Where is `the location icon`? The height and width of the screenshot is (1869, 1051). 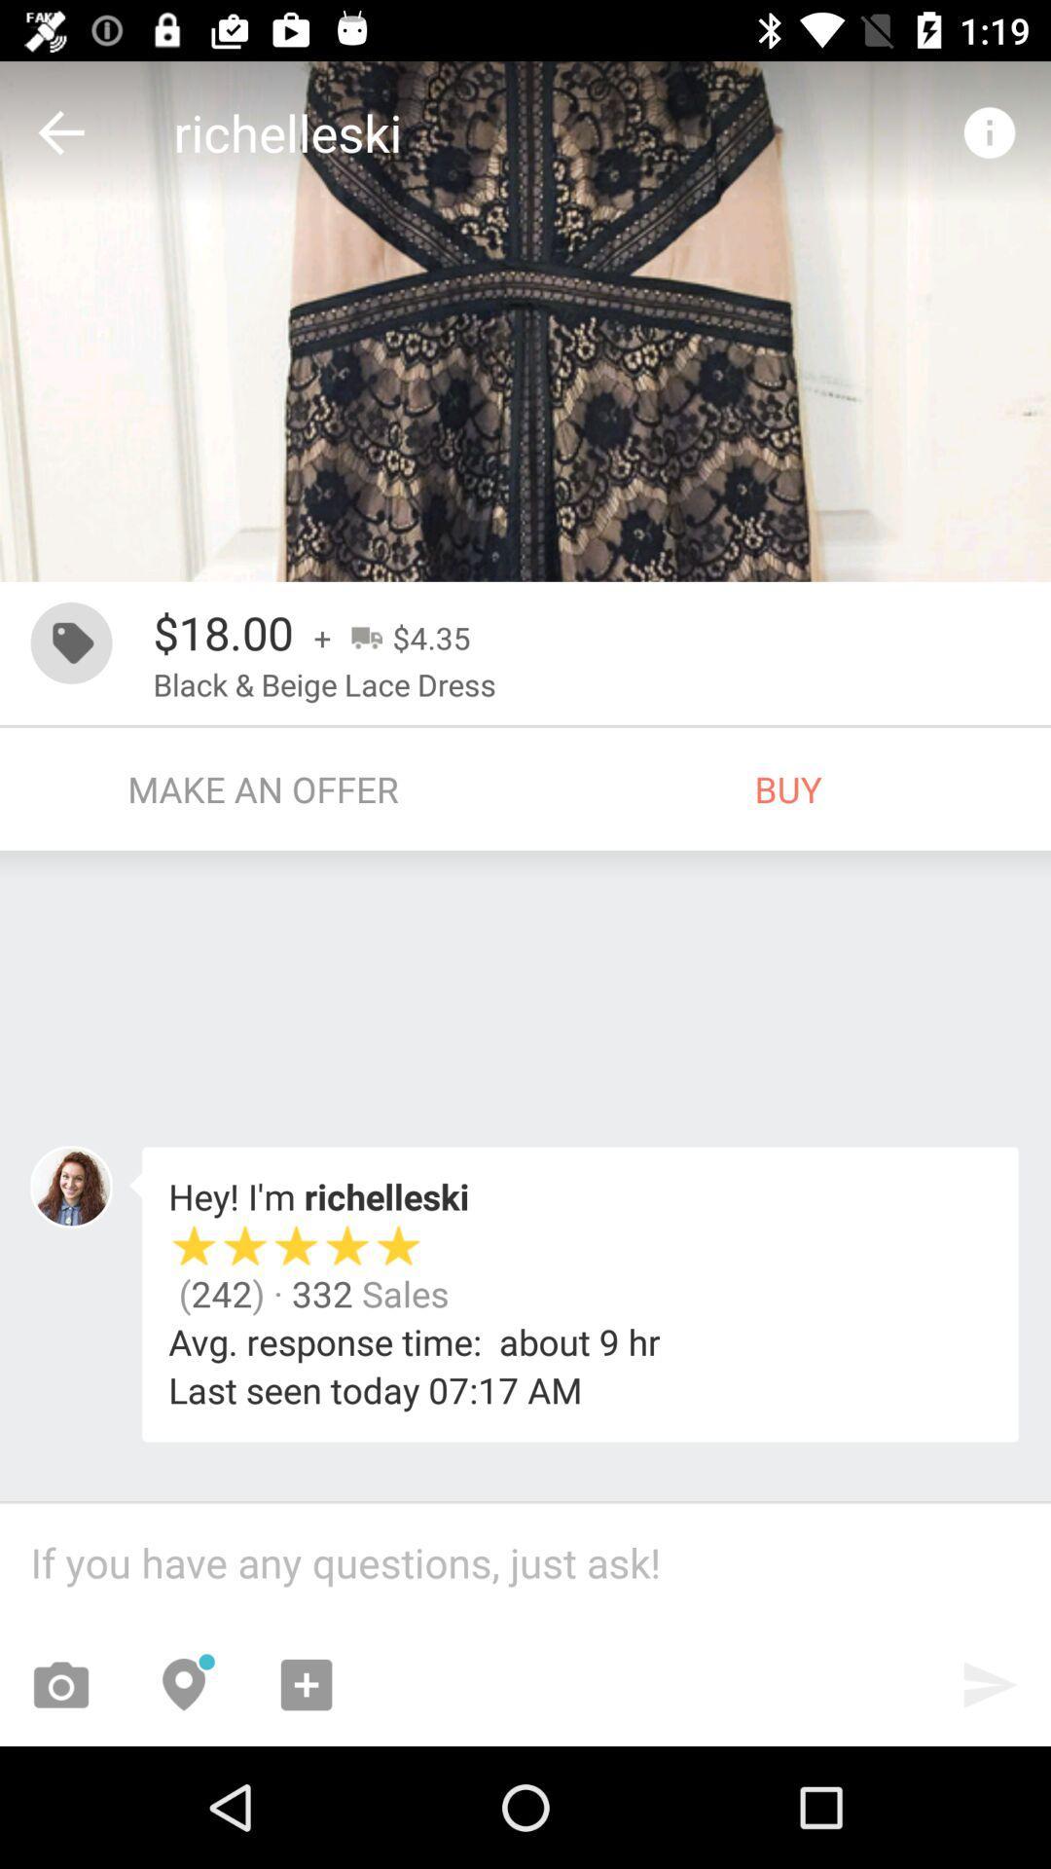 the location icon is located at coordinates (184, 1684).